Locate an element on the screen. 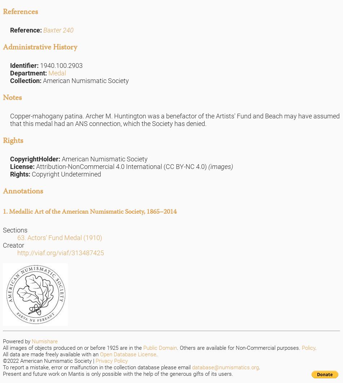 Image resolution: width=343 pixels, height=383 pixels. 'Identifier:' is located at coordinates (25, 65).